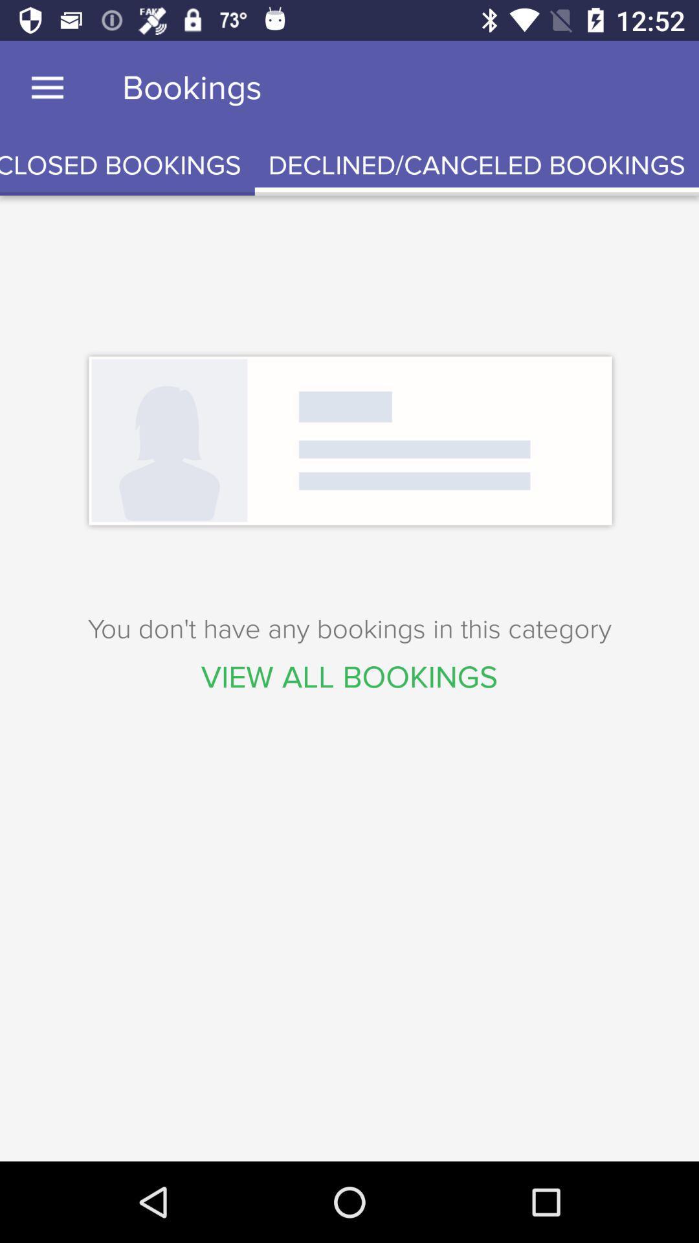  What do you see at coordinates (47, 87) in the screenshot?
I see `the item next to the bookings` at bounding box center [47, 87].